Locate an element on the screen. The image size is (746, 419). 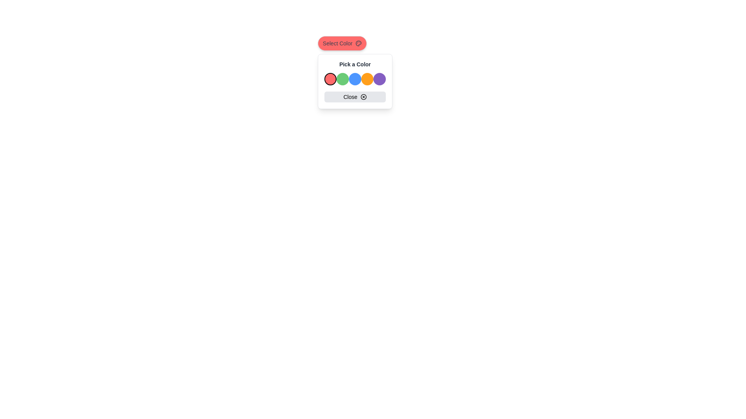
the 'Select Color' button with a red background and color palette icon is located at coordinates (342, 43).